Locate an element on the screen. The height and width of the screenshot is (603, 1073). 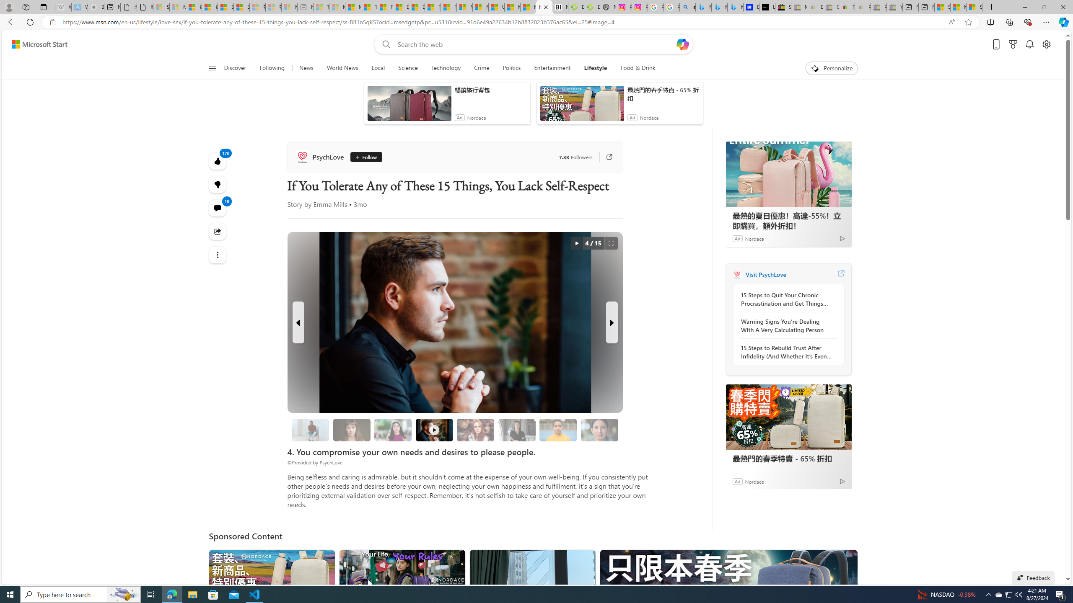
'Nordace - Nordace Edin Collection' is located at coordinates (608, 7).